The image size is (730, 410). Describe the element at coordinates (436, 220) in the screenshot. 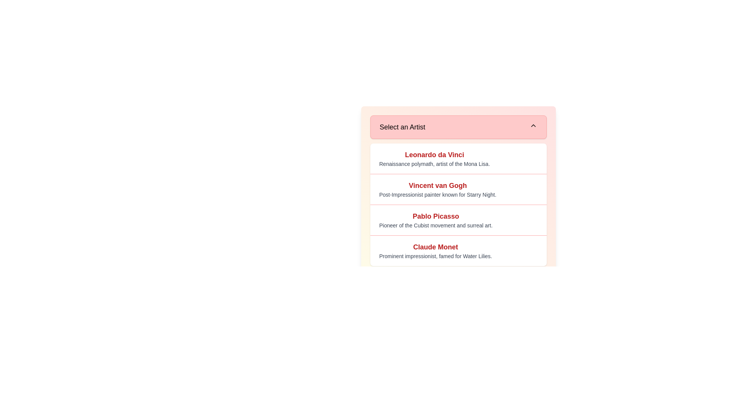

I see `the selectable list item indicating the artist 'Pablo Picasso', which is the third item in a vertical list of four in the dropdown panel titled 'Select an Artist'` at that location.